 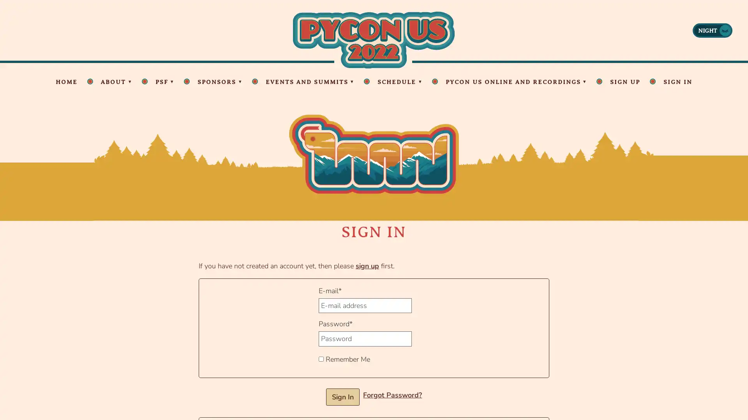 I want to click on Sign In, so click(x=342, y=397).